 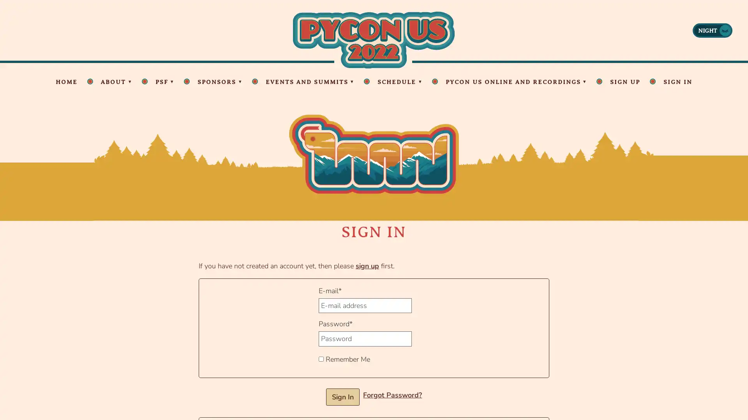 I want to click on Sign In, so click(x=342, y=397).